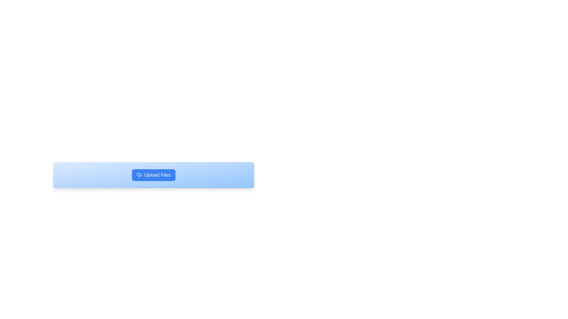  I want to click on the 'Upload Files' button, which has a blue background, rounded corners, and white text with a cloud icon, so click(154, 175).